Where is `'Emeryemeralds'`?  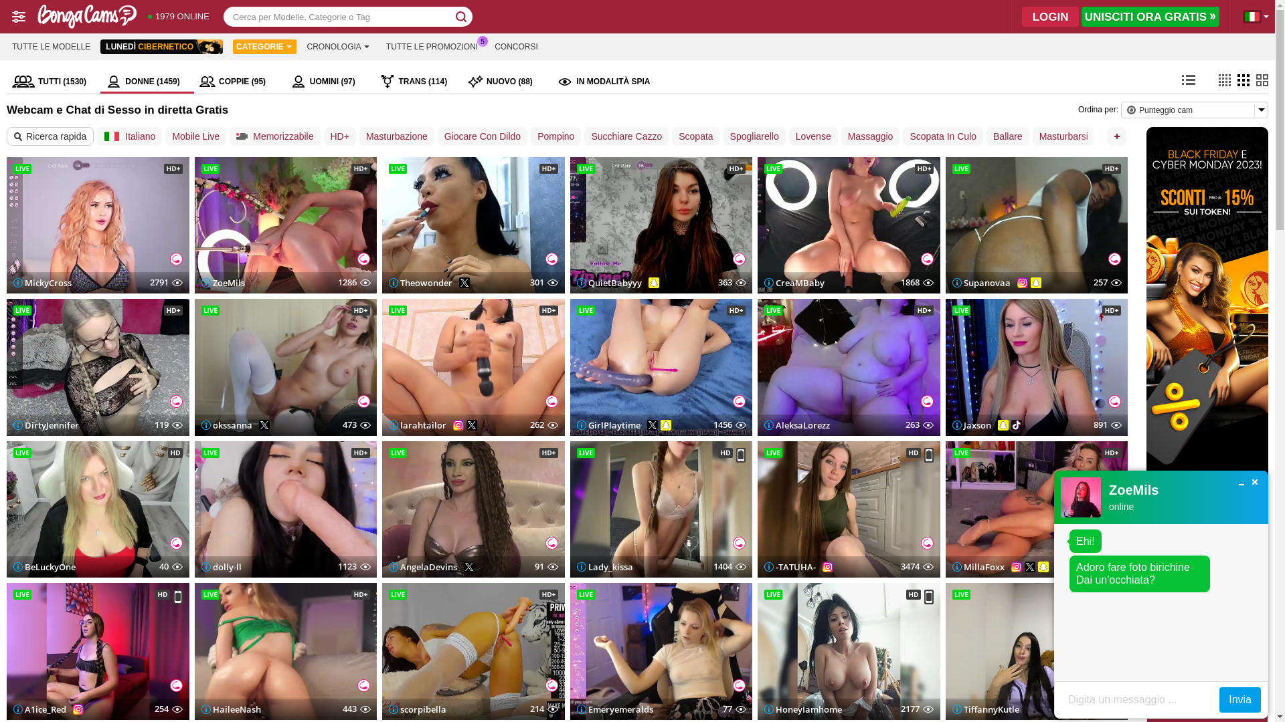
'Emeryemeralds' is located at coordinates (614, 708).